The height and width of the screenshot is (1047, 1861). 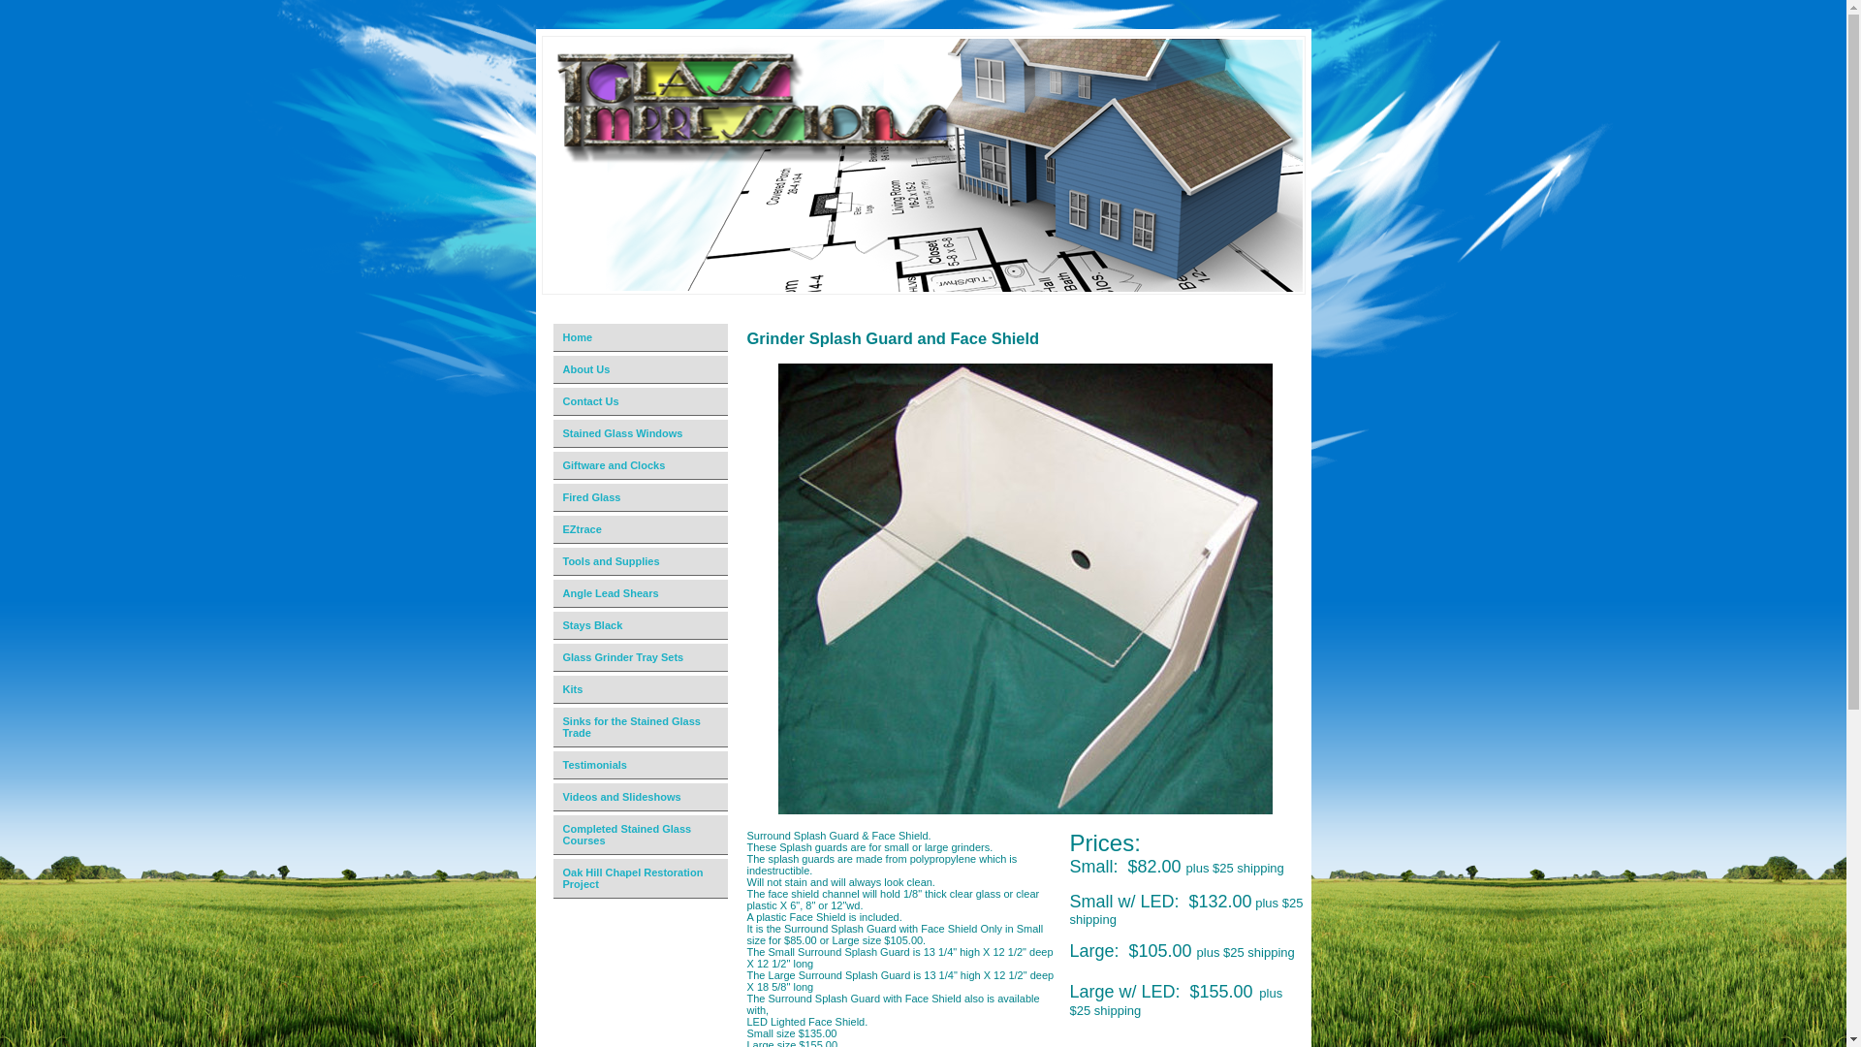 I want to click on 'Completed Stained Glass Courses', so click(x=642, y=834).